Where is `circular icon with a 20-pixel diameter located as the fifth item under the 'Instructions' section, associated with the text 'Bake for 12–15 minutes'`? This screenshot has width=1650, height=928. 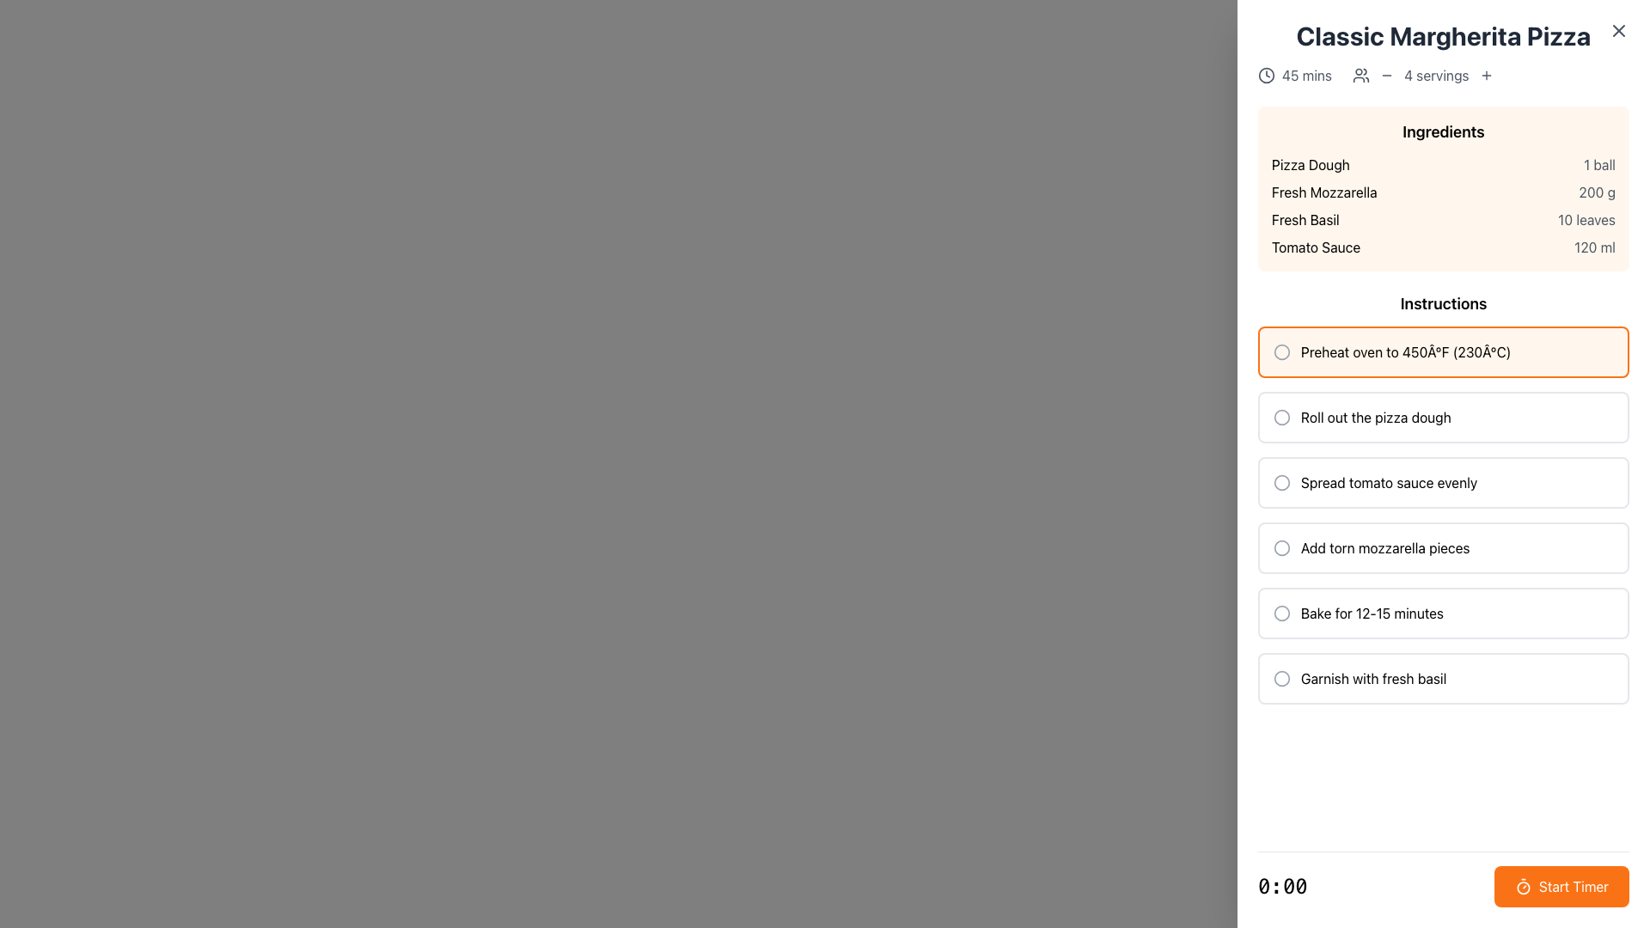 circular icon with a 20-pixel diameter located as the fifth item under the 'Instructions' section, associated with the text 'Bake for 12–15 minutes' is located at coordinates (1282, 612).